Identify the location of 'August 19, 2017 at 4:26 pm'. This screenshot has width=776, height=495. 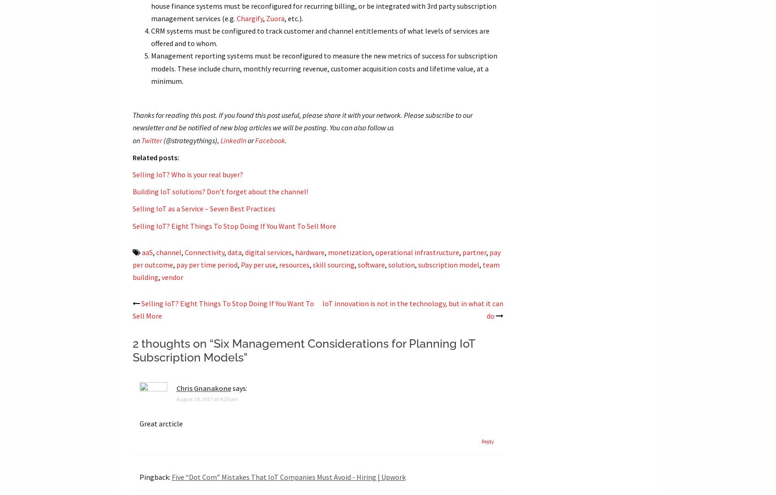
(175, 398).